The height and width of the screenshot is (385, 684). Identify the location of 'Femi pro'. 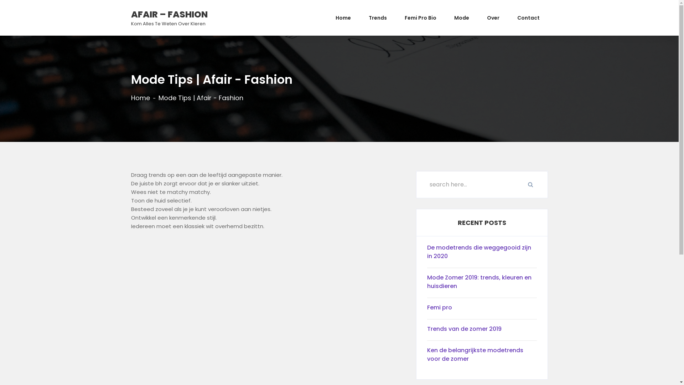
(427, 309).